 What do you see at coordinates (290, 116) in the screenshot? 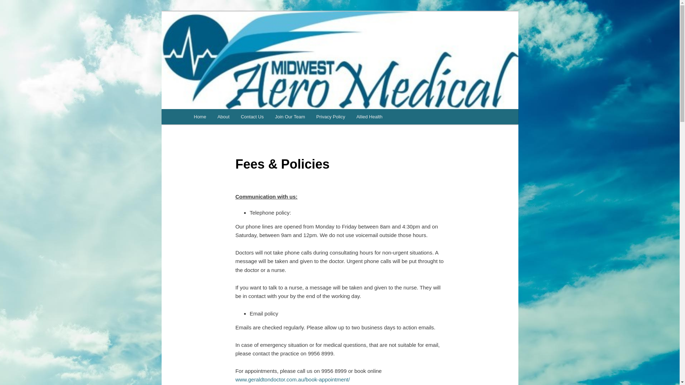
I see `'Join Our Team'` at bounding box center [290, 116].